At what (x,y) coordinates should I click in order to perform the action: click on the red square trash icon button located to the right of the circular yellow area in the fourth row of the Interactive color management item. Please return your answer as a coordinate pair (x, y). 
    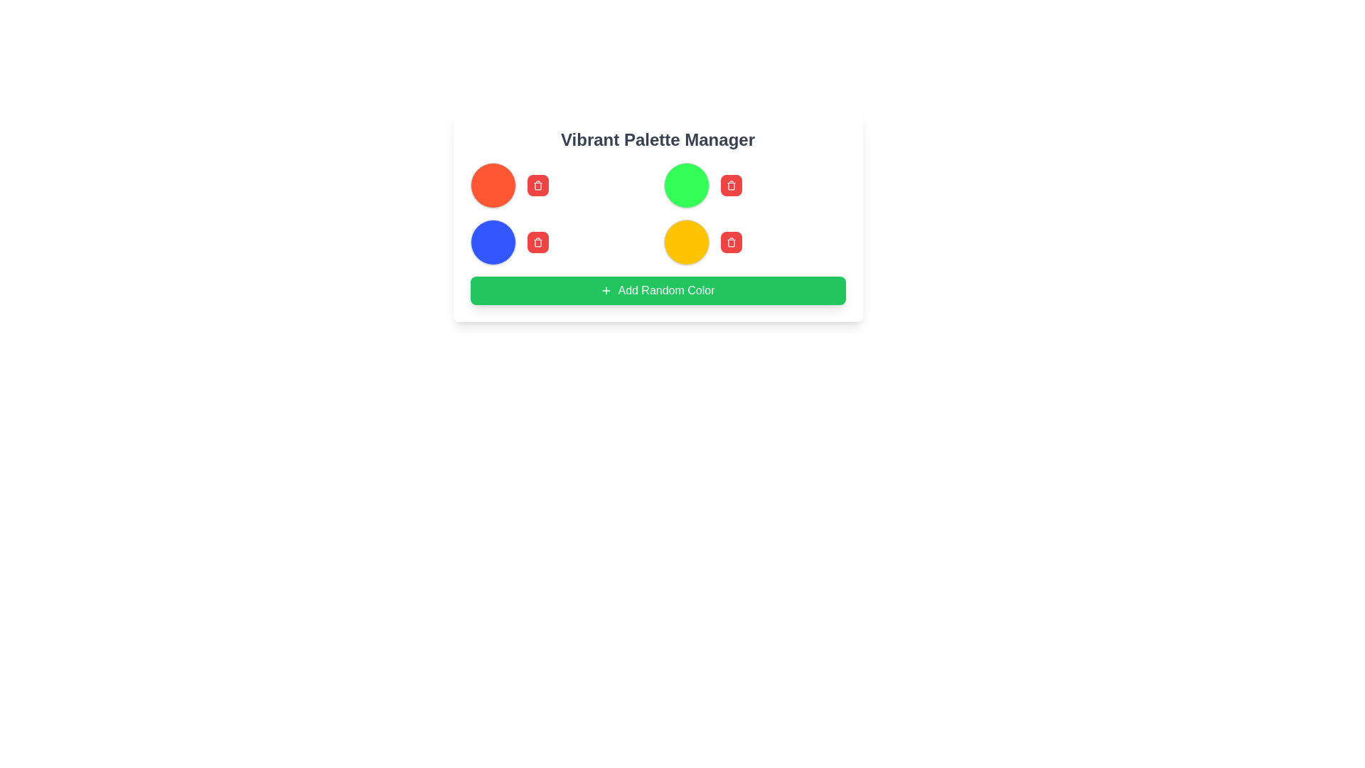
    Looking at the image, I should click on (754, 241).